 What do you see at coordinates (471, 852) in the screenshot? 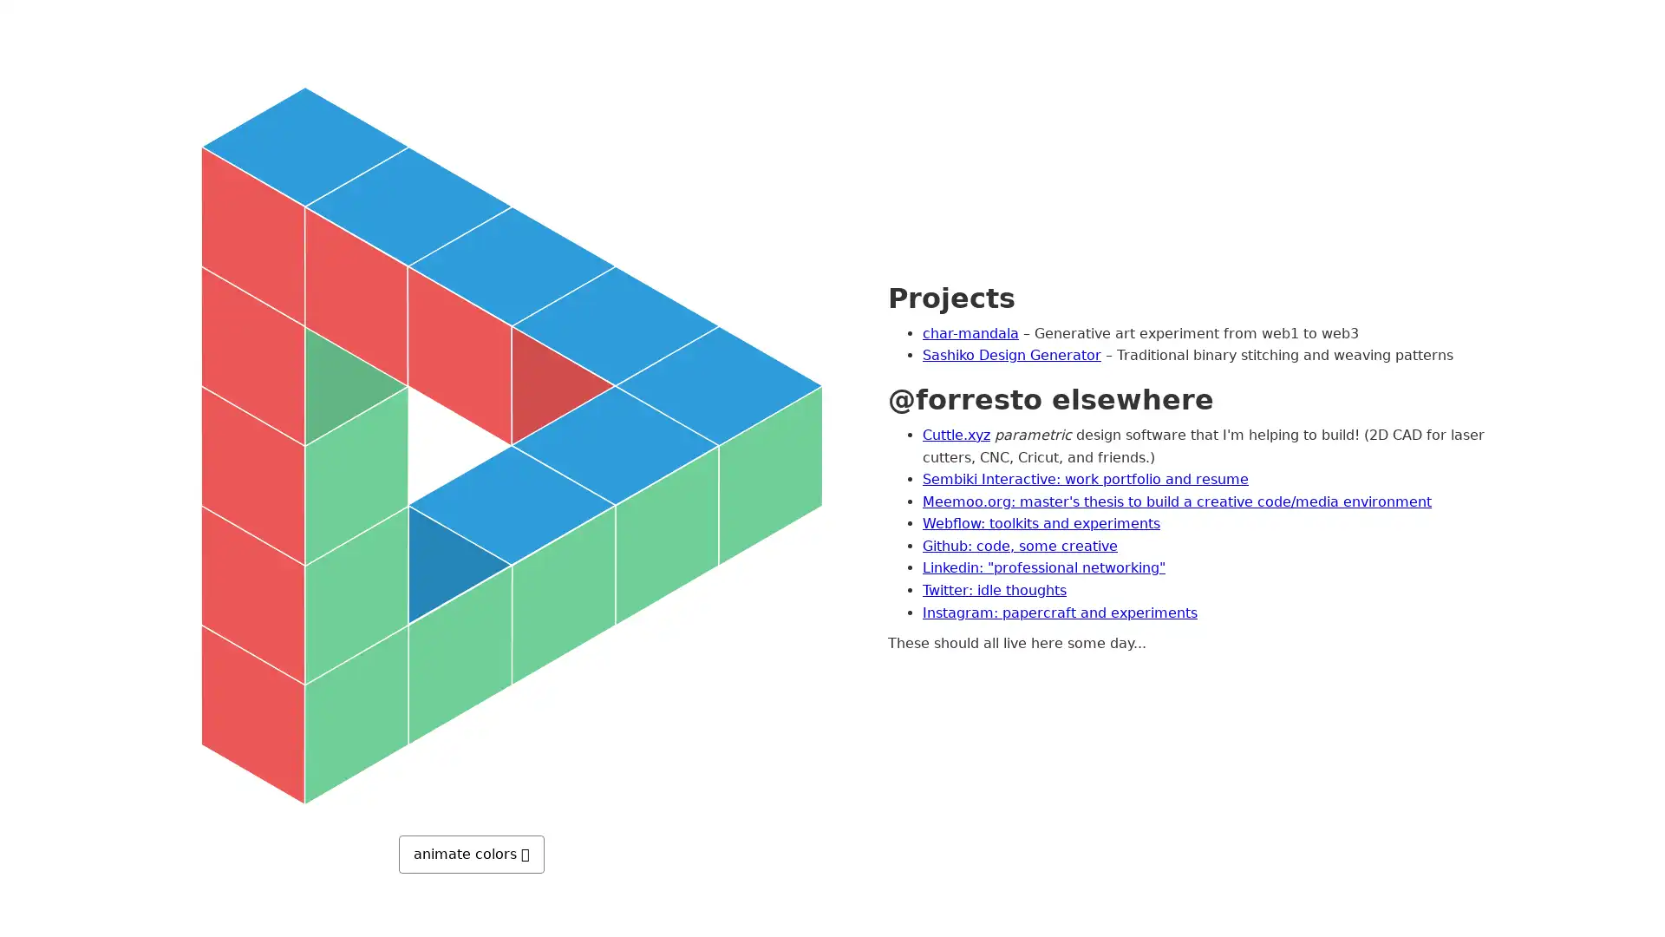
I see `animate colors` at bounding box center [471, 852].